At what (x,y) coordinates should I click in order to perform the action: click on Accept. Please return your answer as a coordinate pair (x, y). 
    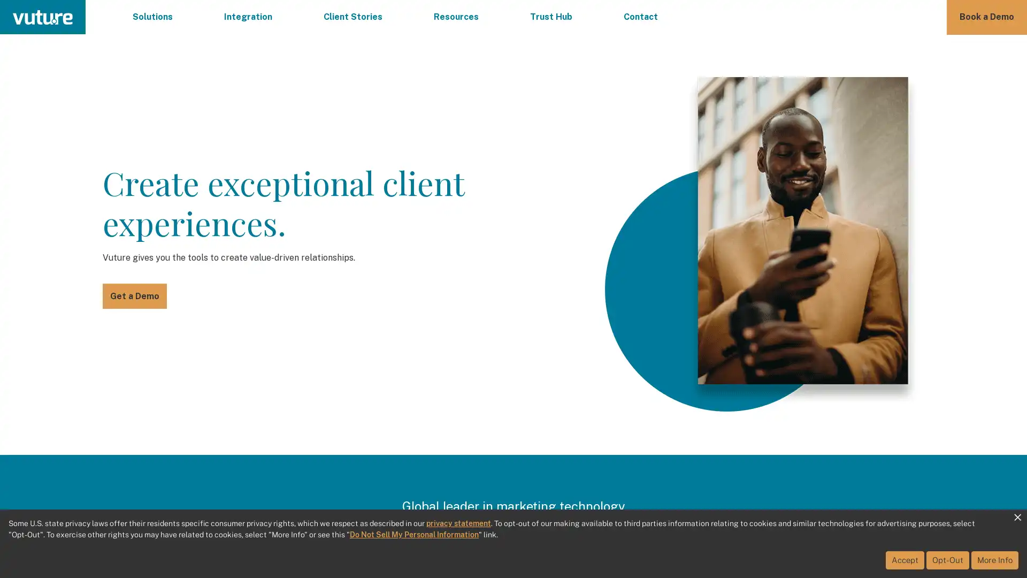
    Looking at the image, I should click on (905, 559).